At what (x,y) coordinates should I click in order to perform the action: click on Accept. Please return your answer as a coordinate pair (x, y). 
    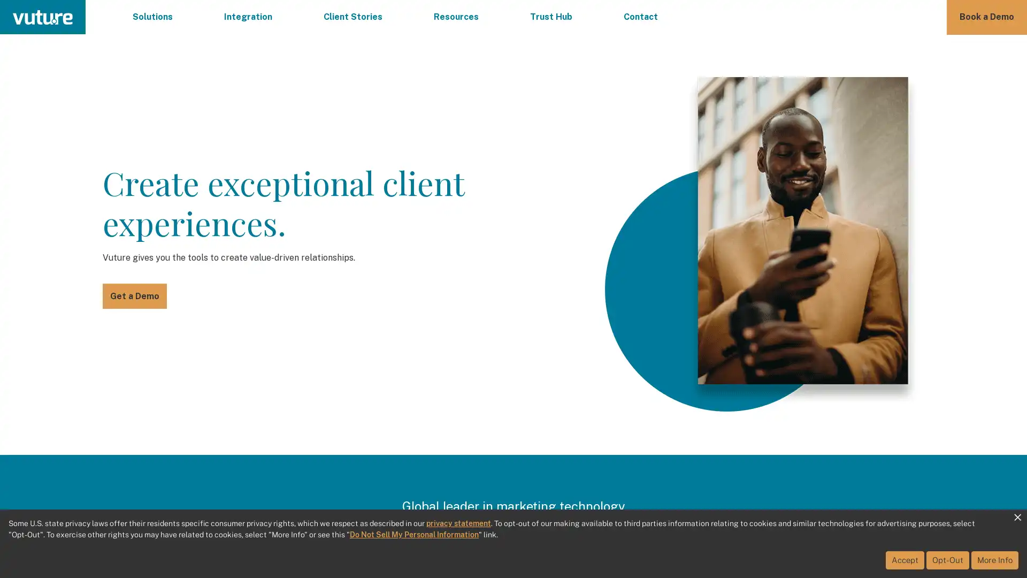
    Looking at the image, I should click on (905, 559).